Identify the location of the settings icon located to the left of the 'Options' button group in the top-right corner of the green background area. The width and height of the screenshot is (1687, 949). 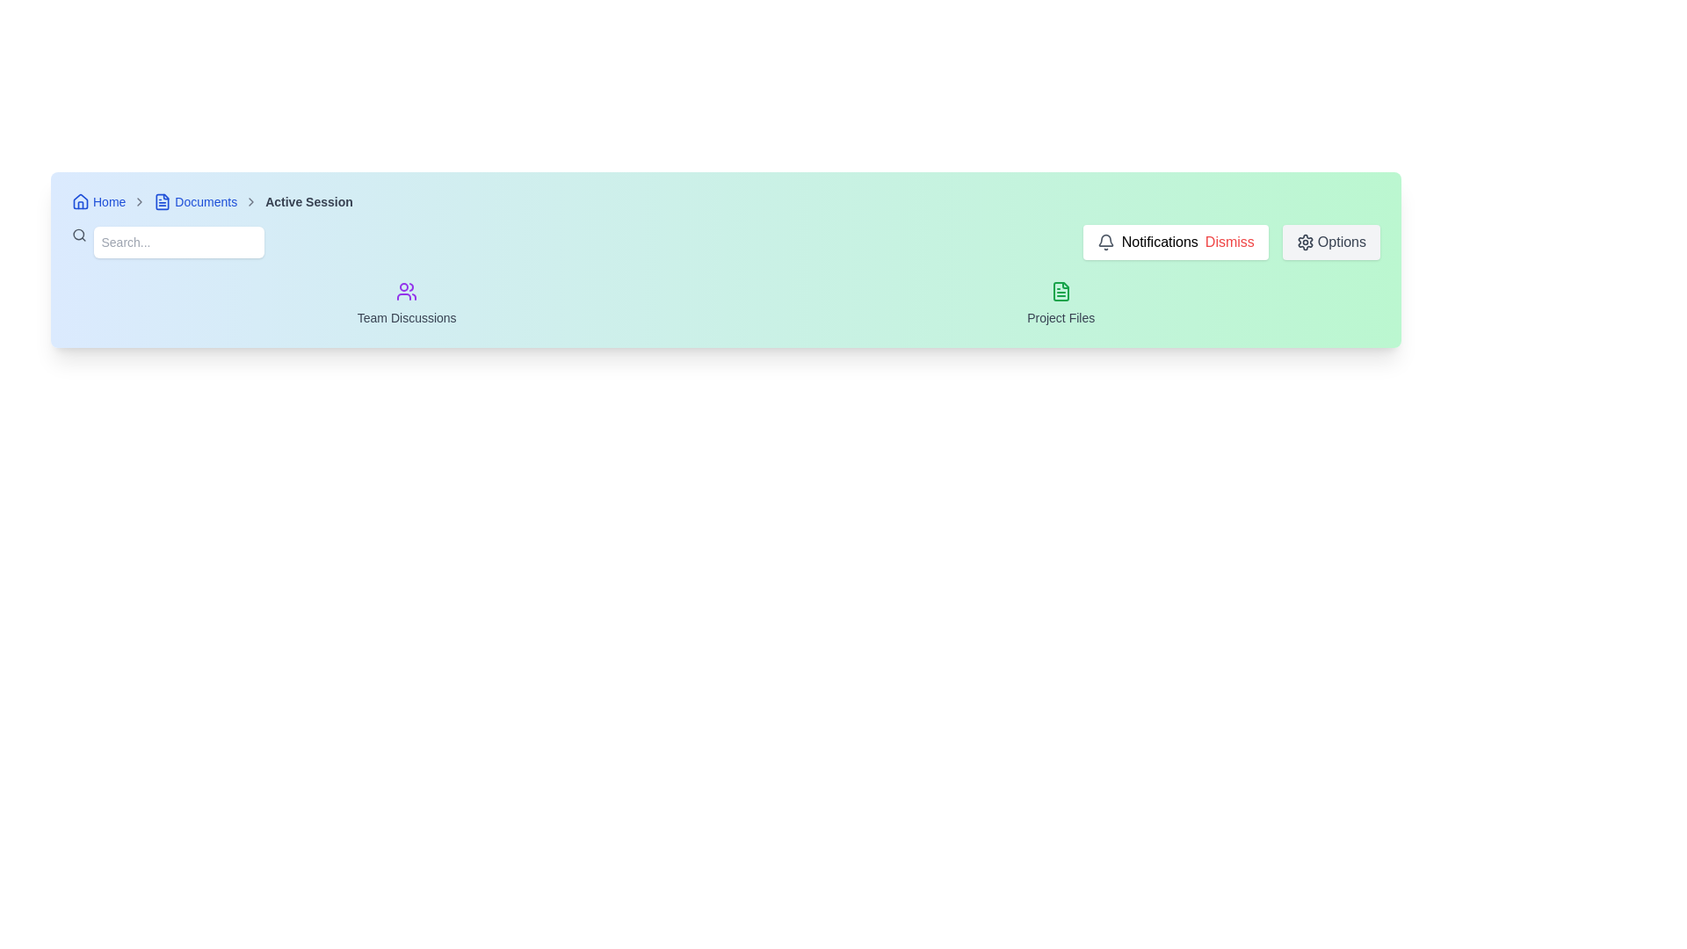
(1305, 243).